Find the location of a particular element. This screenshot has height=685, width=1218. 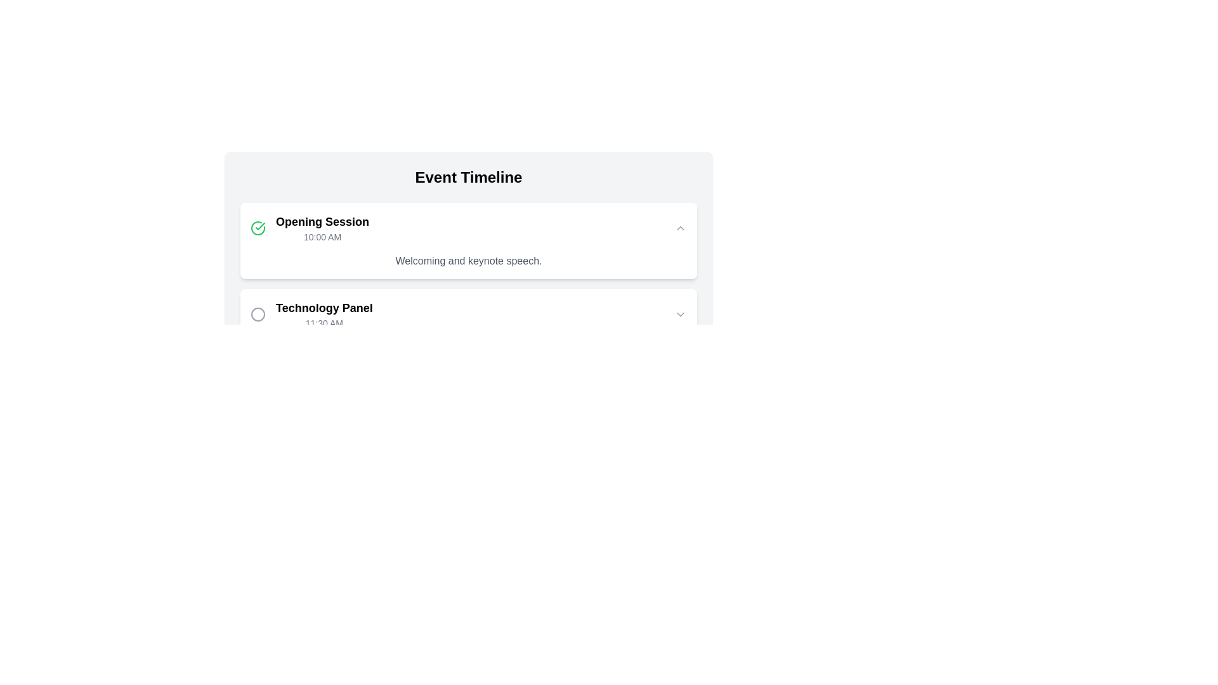

the 'Technology Panel' event entry indicator located below the 'Opening Session' and adjacent to a decorative circle icon is located at coordinates (311, 314).